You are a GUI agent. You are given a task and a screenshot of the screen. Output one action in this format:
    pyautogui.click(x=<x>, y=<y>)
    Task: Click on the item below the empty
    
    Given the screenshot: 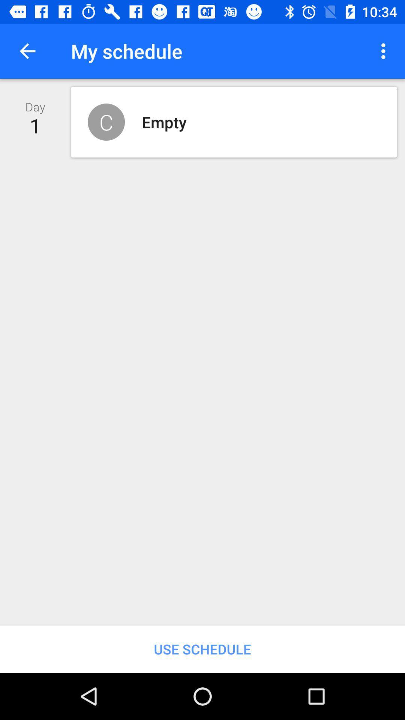 What is the action you would take?
    pyautogui.click(x=202, y=649)
    